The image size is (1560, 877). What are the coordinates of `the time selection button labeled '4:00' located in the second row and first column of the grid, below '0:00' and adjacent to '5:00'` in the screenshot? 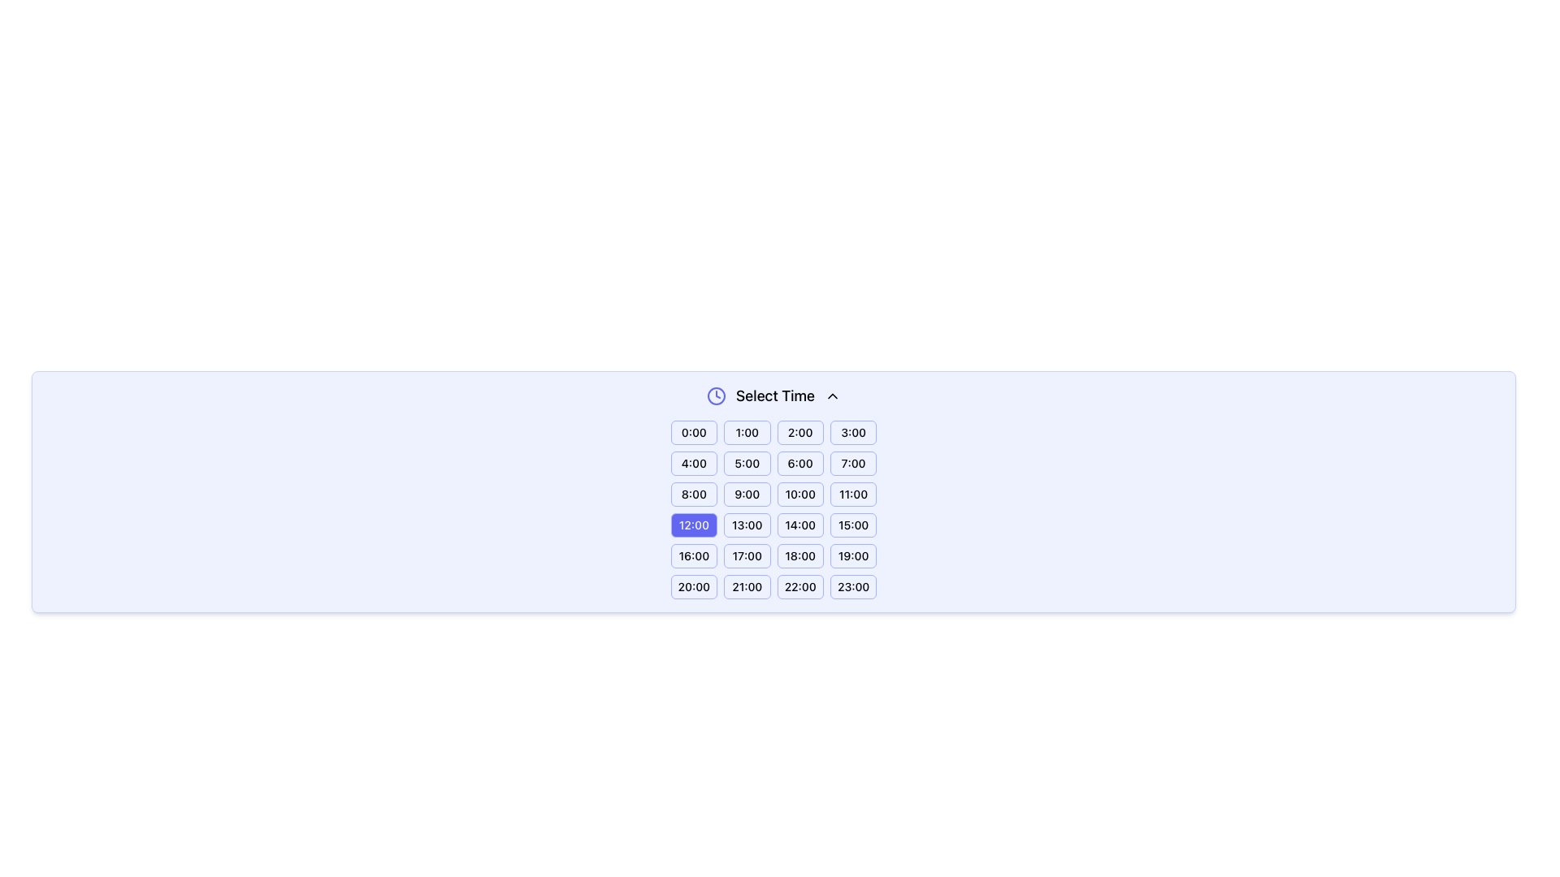 It's located at (694, 463).